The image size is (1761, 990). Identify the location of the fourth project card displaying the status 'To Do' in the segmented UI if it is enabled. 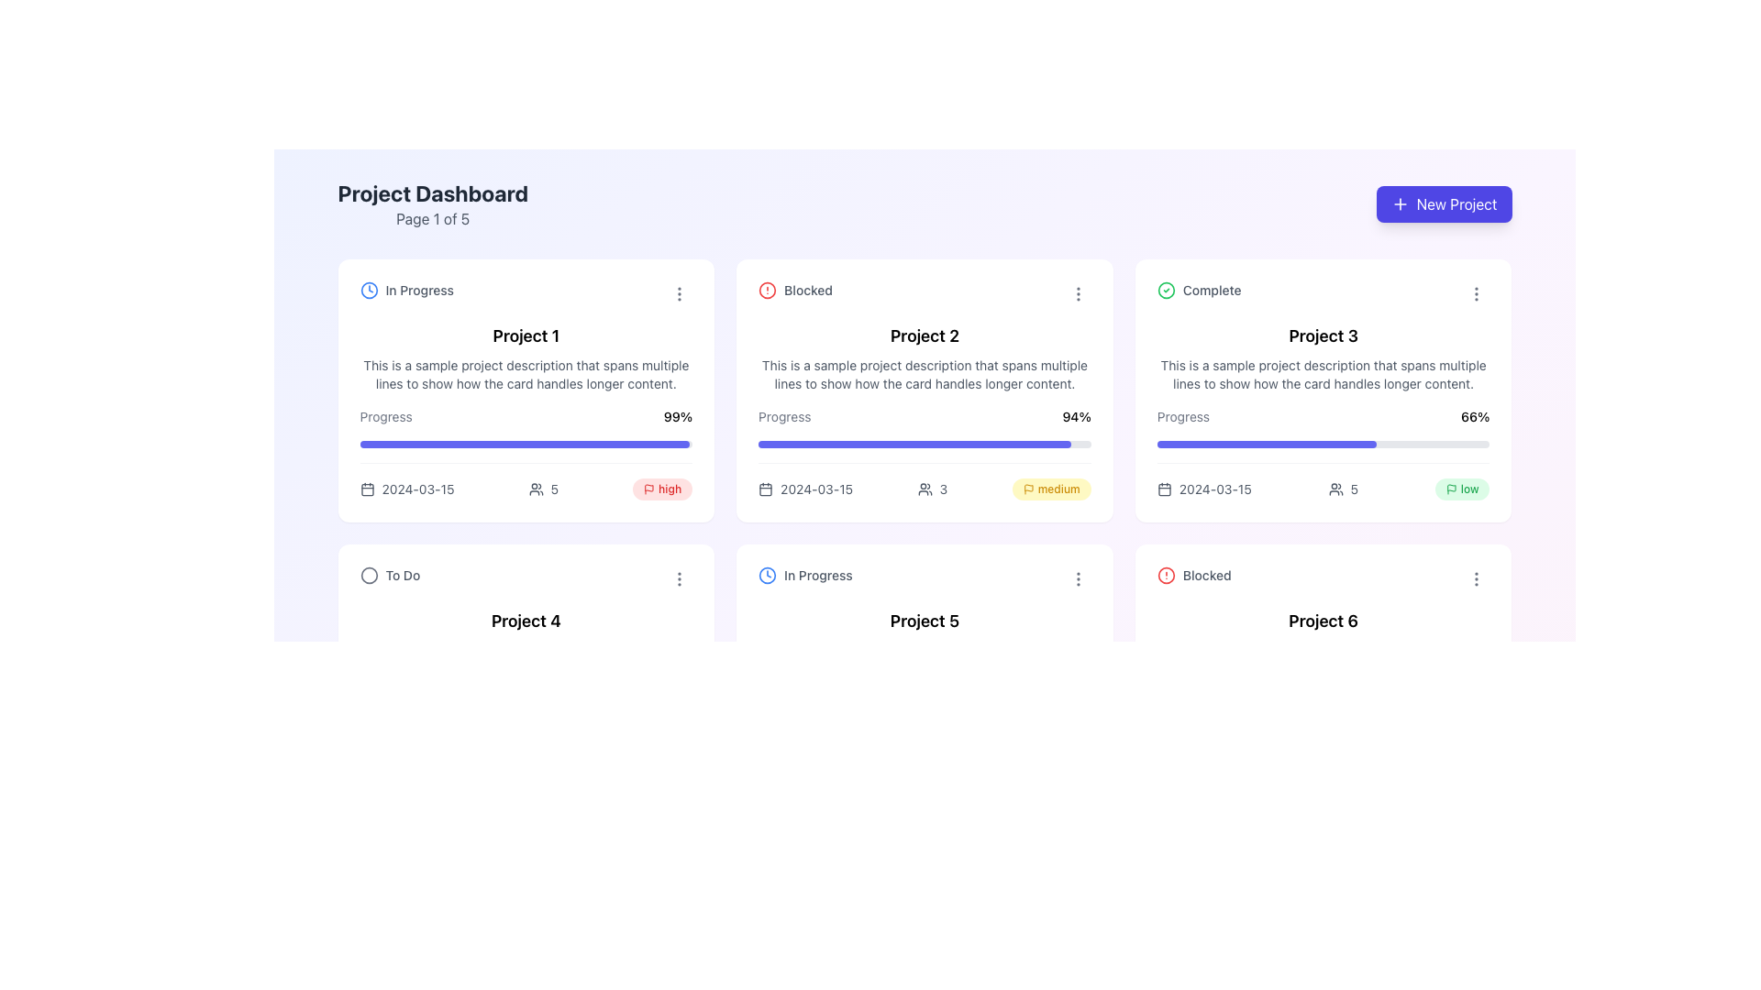
(525, 676).